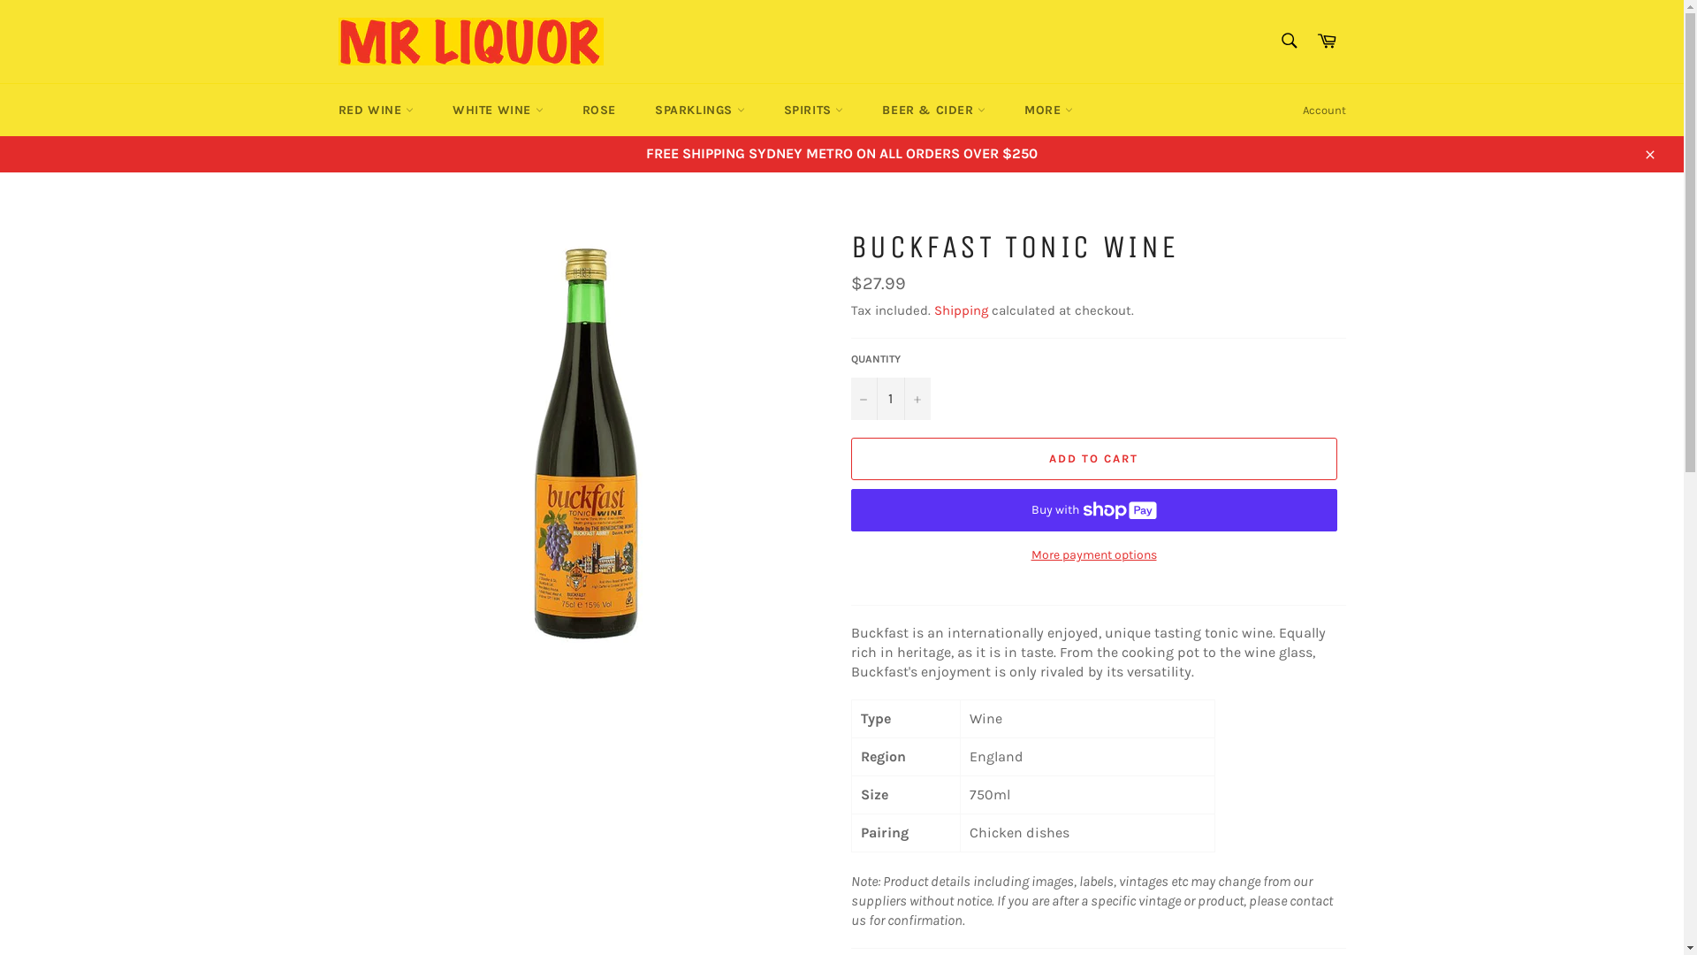  Describe the element at coordinates (959, 309) in the screenshot. I see `'Shipping'` at that location.